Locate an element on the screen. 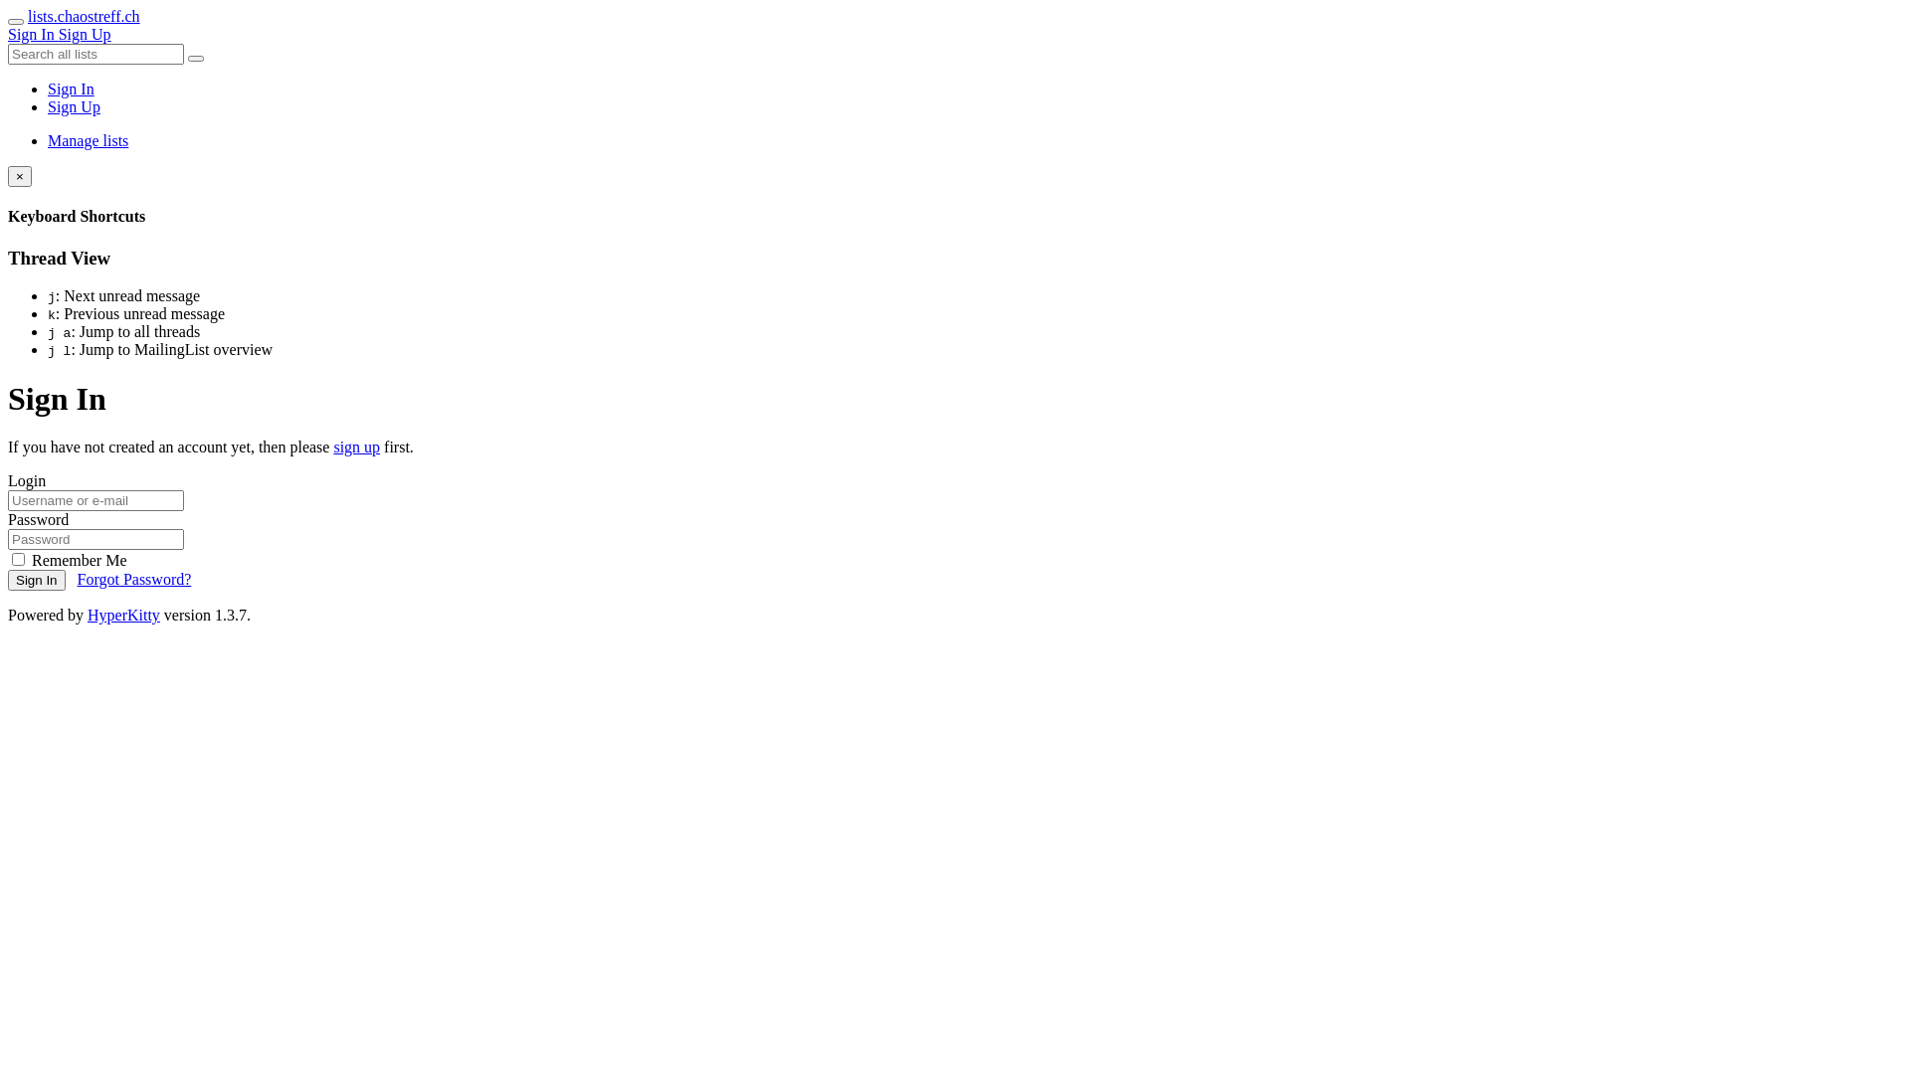  'Sign Up' is located at coordinates (74, 106).